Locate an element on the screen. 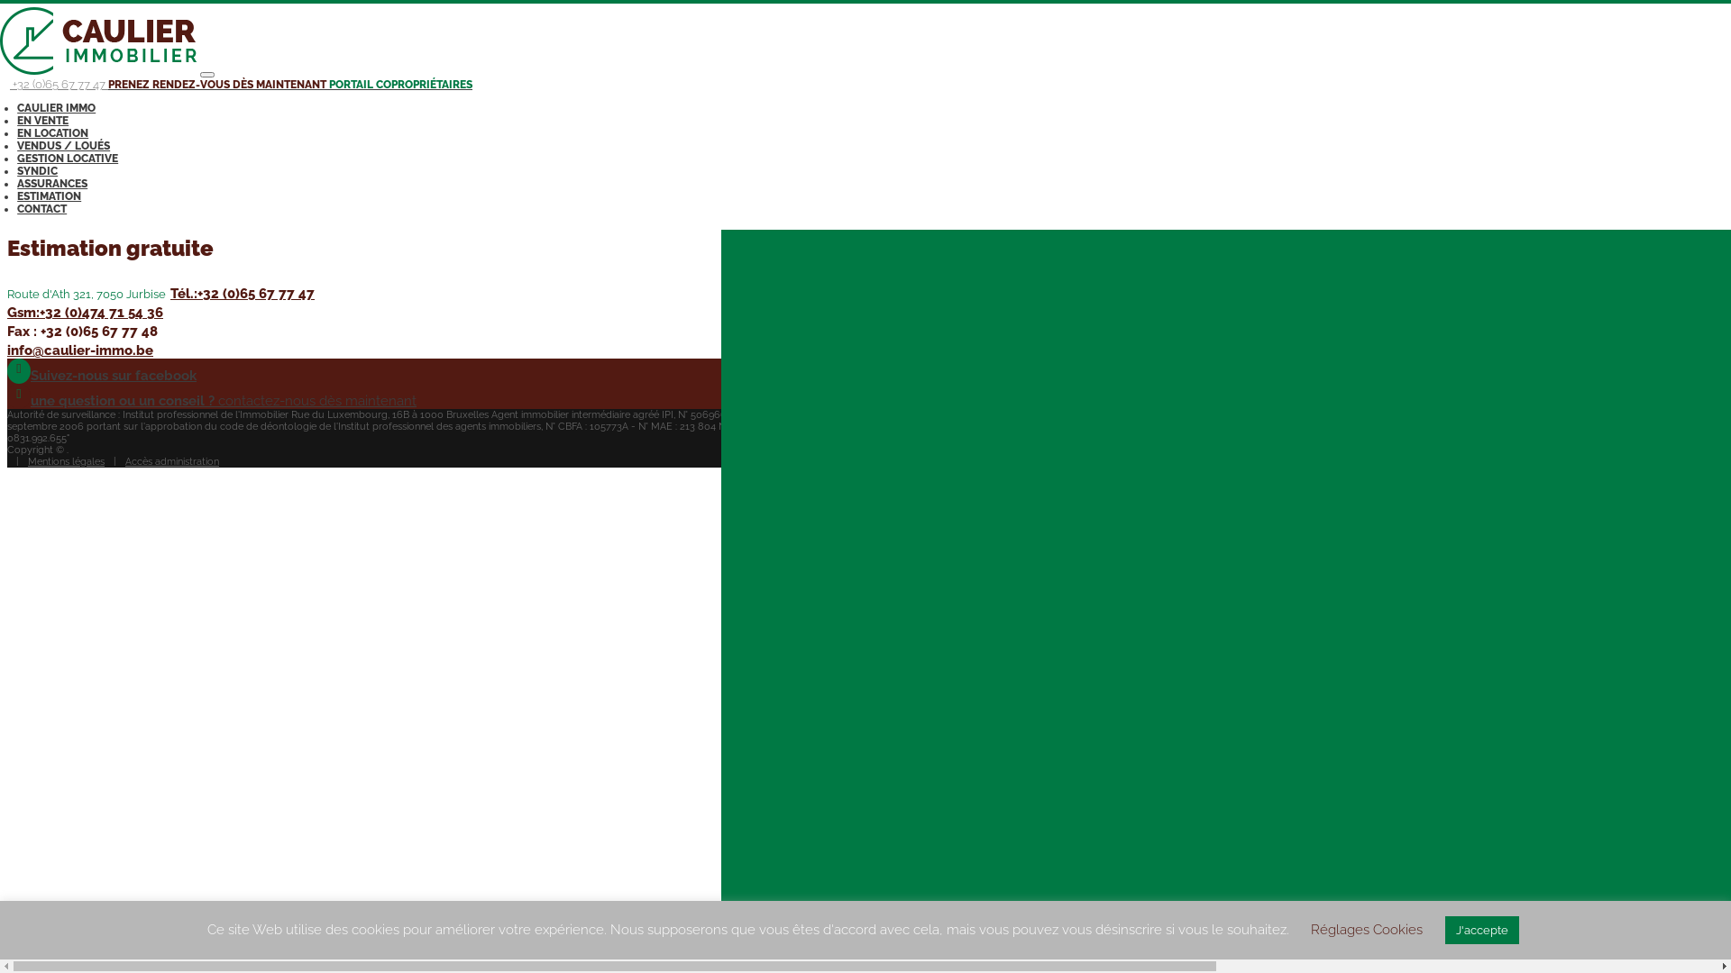  'info@caulier-immo.be' is located at coordinates (79, 350).